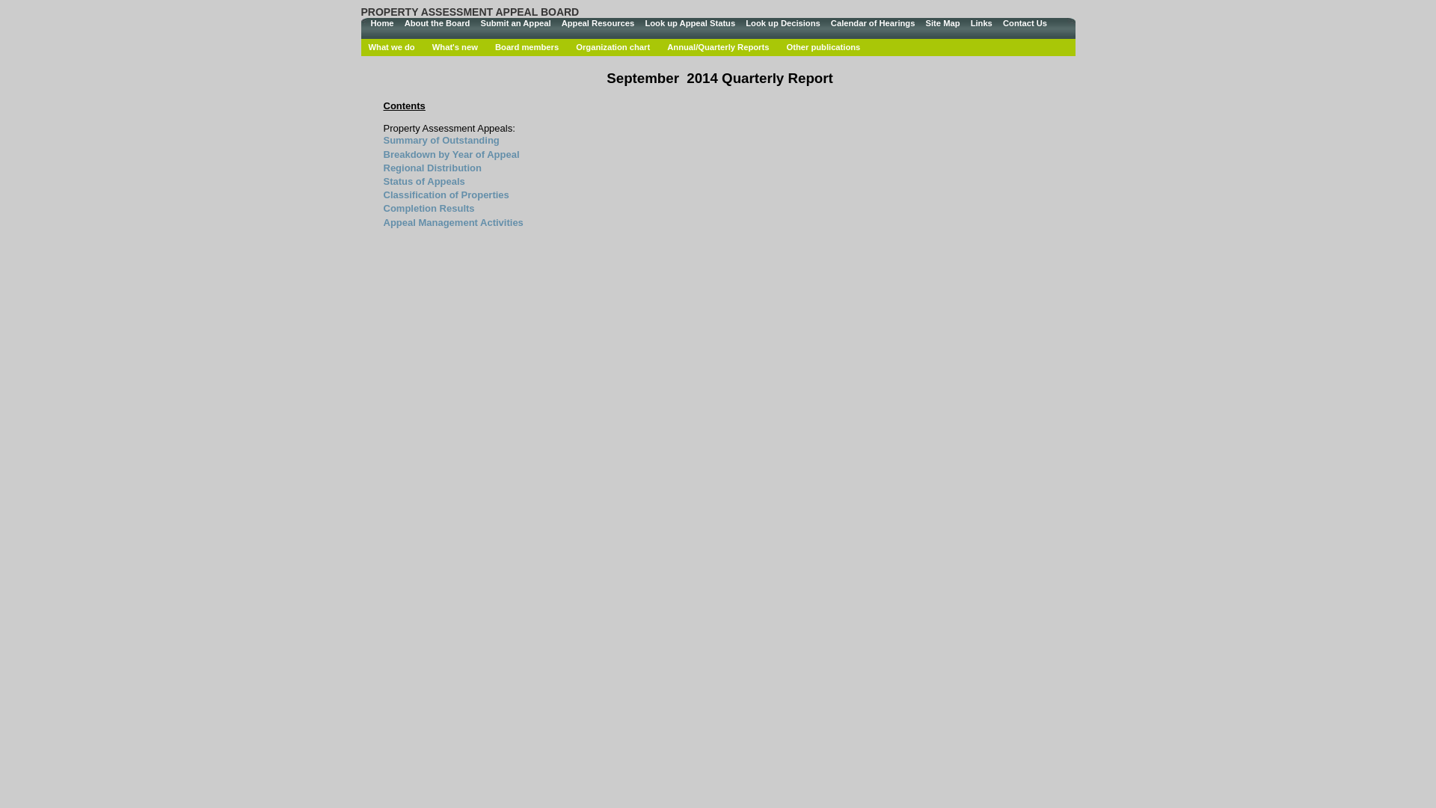  I want to click on 'Contact Us', so click(1024, 23).